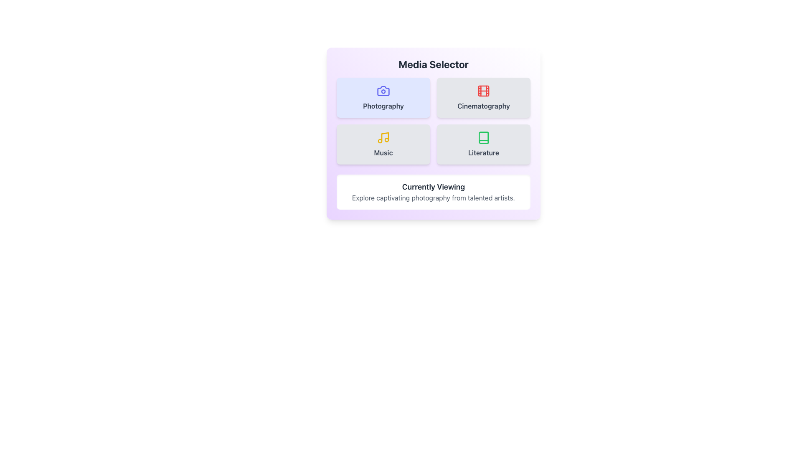  What do you see at coordinates (483, 91) in the screenshot?
I see `the graphical icon component located within the film roll icon in the top-right quadrant of the Media Selector interface, adjacent to the Cinematography label` at bounding box center [483, 91].